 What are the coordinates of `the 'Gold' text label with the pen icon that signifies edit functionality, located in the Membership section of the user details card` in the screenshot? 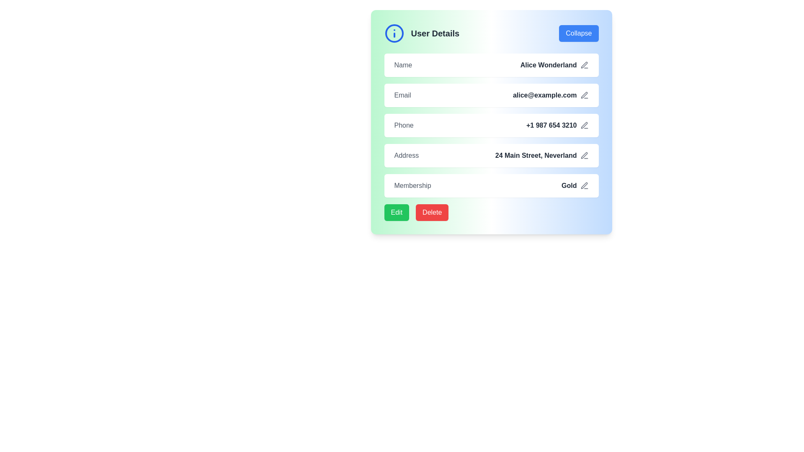 It's located at (575, 185).